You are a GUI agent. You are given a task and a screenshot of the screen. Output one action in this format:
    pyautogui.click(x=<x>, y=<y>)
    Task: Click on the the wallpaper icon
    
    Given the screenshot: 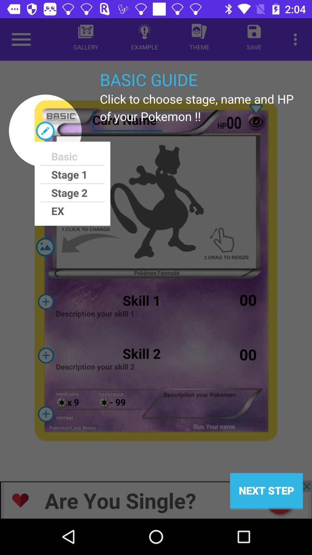 What is the action you would take?
    pyautogui.click(x=45, y=247)
    